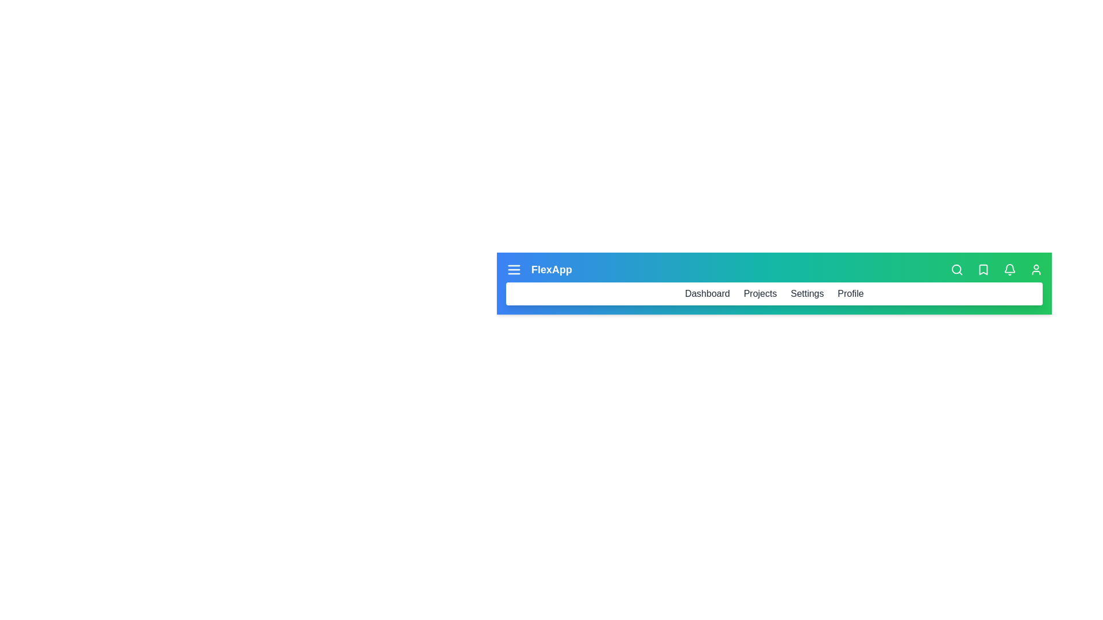  What do you see at coordinates (551, 270) in the screenshot?
I see `the title 'FlexApp' displayed in the app bar` at bounding box center [551, 270].